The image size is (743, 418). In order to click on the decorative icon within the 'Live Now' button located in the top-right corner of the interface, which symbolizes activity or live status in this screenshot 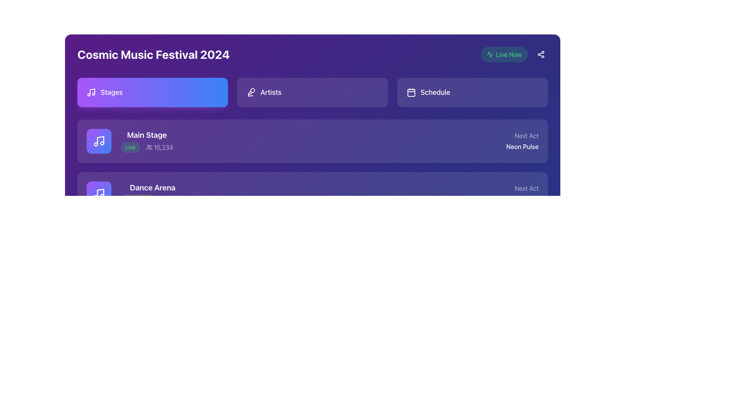, I will do `click(490, 54)`.